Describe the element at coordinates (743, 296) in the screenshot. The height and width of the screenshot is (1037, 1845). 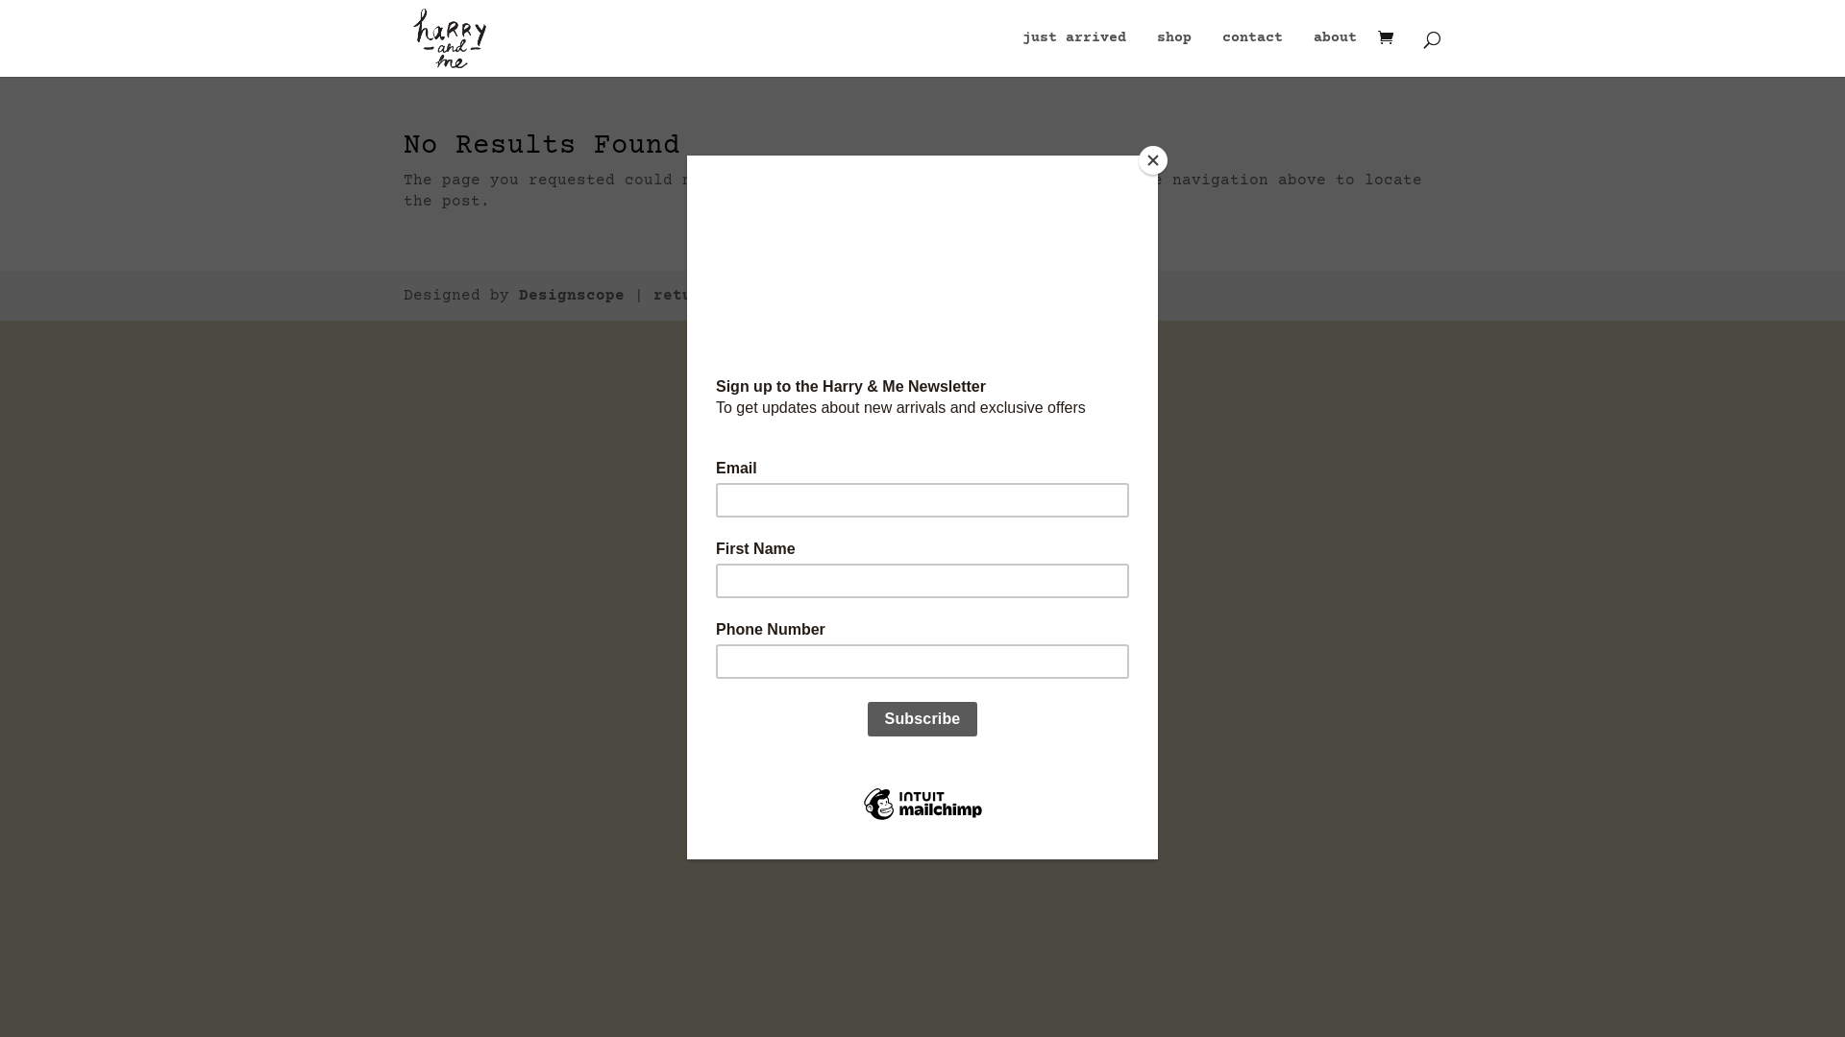
I see `'returns & exchanges'` at that location.